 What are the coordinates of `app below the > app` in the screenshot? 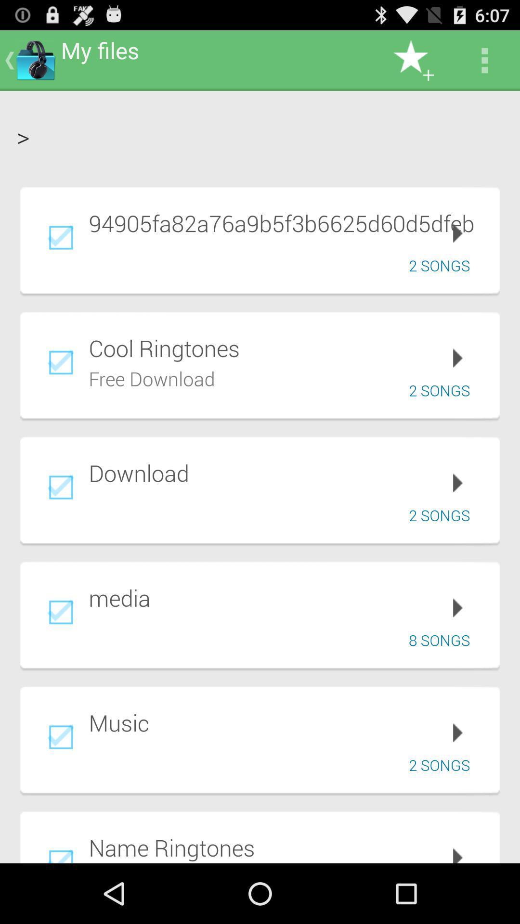 It's located at (287, 222).